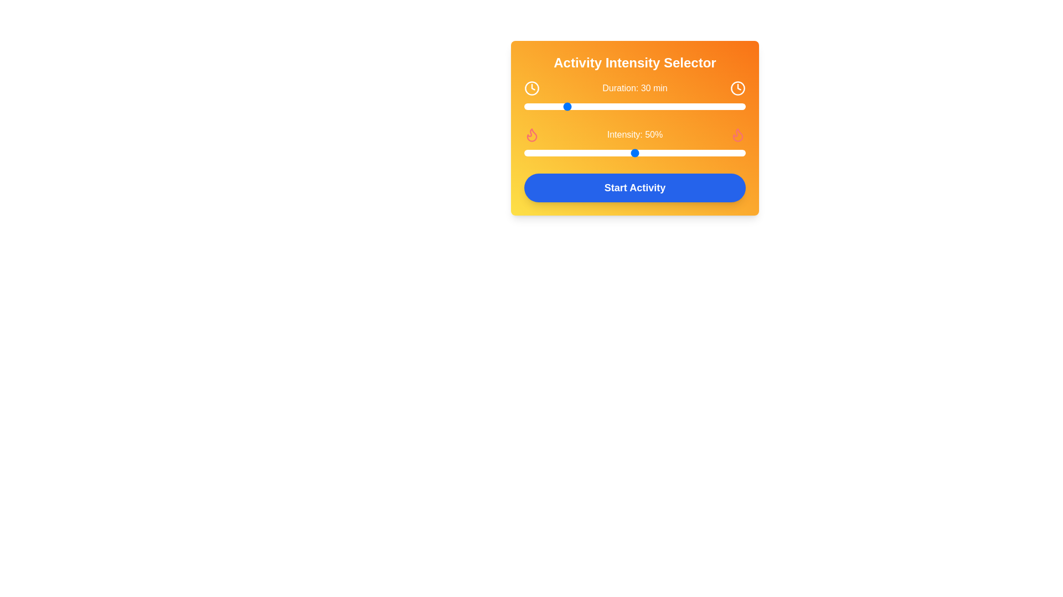 The height and width of the screenshot is (597, 1063). What do you see at coordinates (739, 153) in the screenshot?
I see `the intensity slider to set the intensity to 97%` at bounding box center [739, 153].